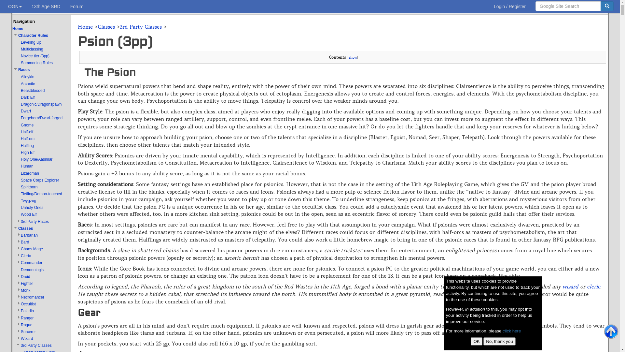  What do you see at coordinates (41, 104) in the screenshot?
I see `'Dragonic/Dragonspawn'` at bounding box center [41, 104].